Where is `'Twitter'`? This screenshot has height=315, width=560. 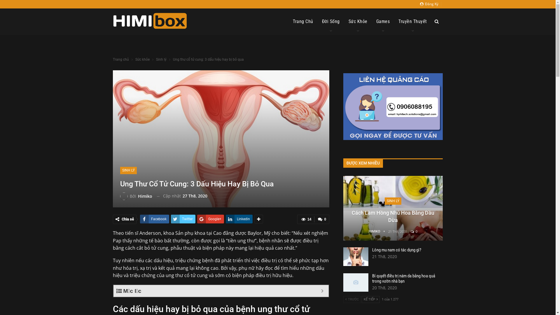 'Twitter' is located at coordinates (183, 219).